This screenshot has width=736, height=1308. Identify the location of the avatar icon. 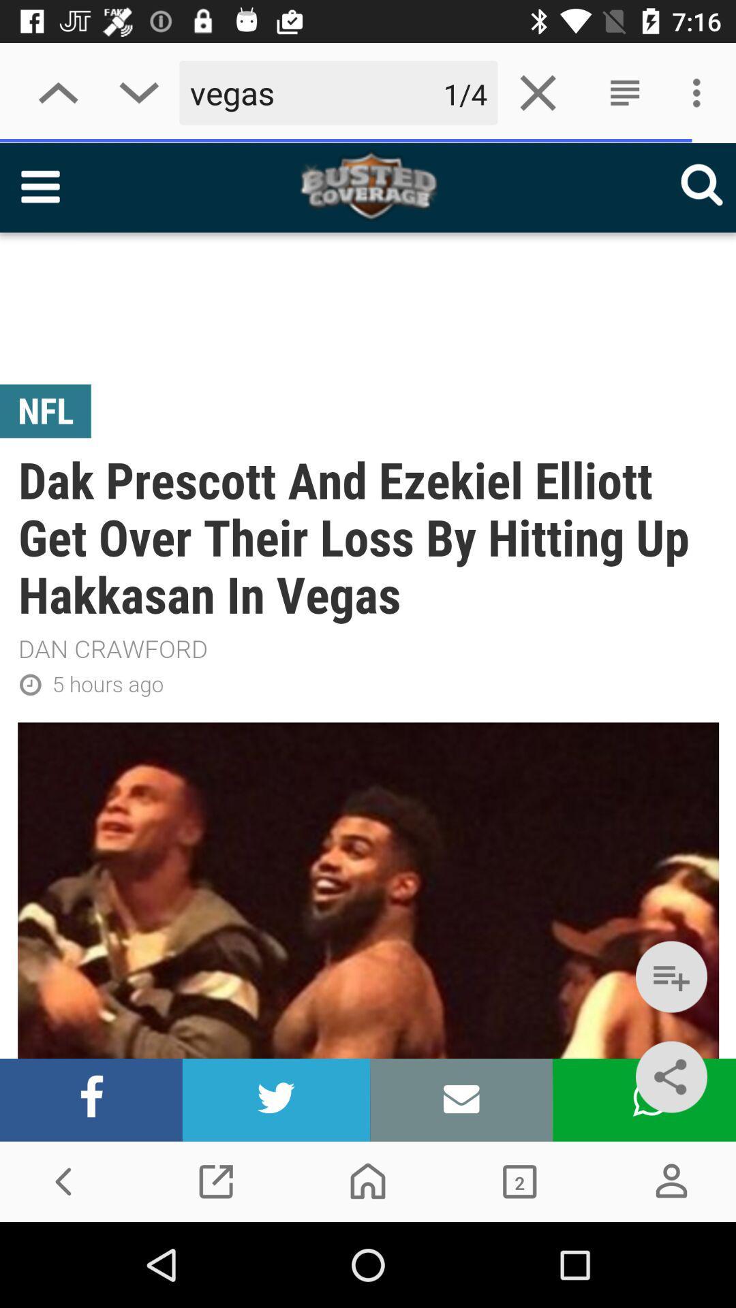
(671, 1181).